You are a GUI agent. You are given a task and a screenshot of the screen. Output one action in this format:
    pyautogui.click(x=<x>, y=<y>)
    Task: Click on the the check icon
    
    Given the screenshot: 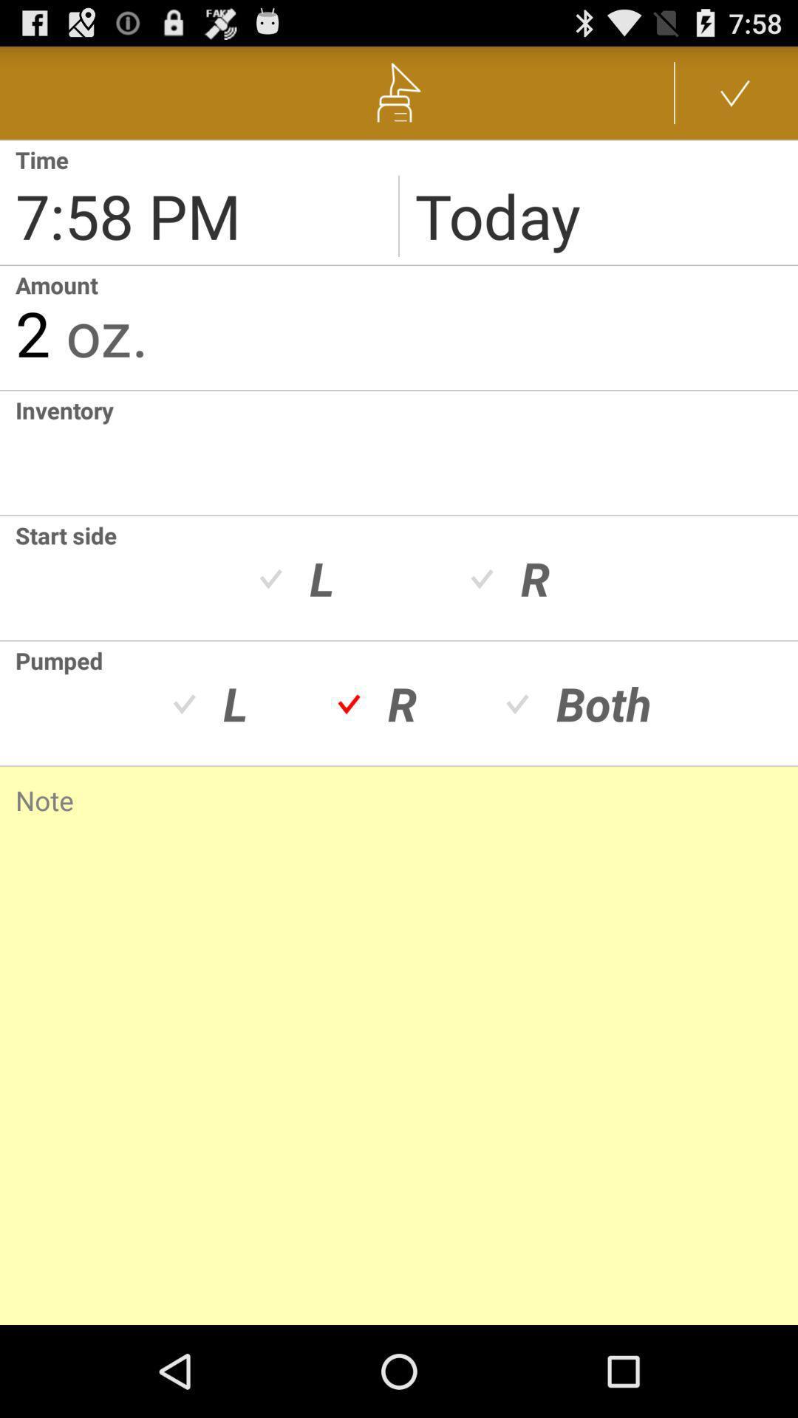 What is the action you would take?
    pyautogui.click(x=735, y=98)
    